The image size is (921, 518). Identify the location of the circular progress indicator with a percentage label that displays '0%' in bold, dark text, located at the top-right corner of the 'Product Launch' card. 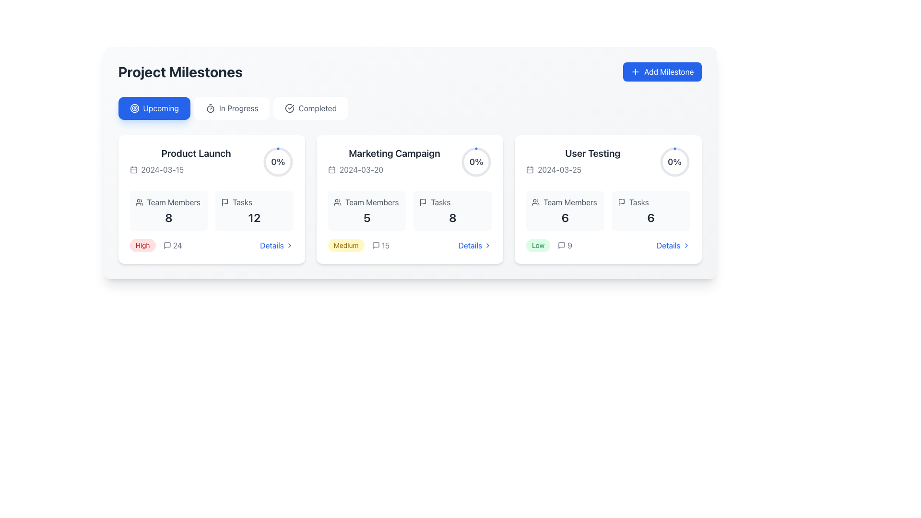
(277, 162).